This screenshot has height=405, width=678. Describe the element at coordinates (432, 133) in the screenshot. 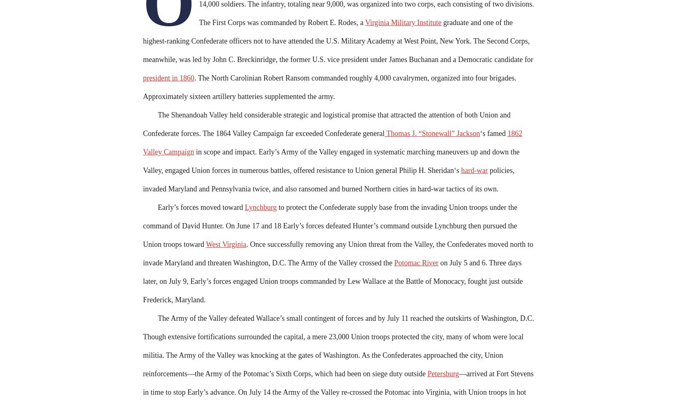

I see `'Thomas J. “Stonewall” Jackson'` at that location.